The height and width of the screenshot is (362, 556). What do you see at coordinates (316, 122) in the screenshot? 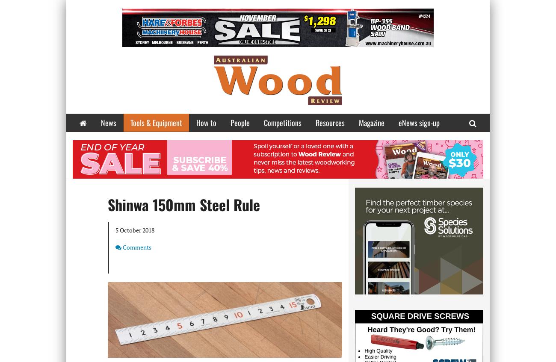
I see `'Resources'` at bounding box center [316, 122].